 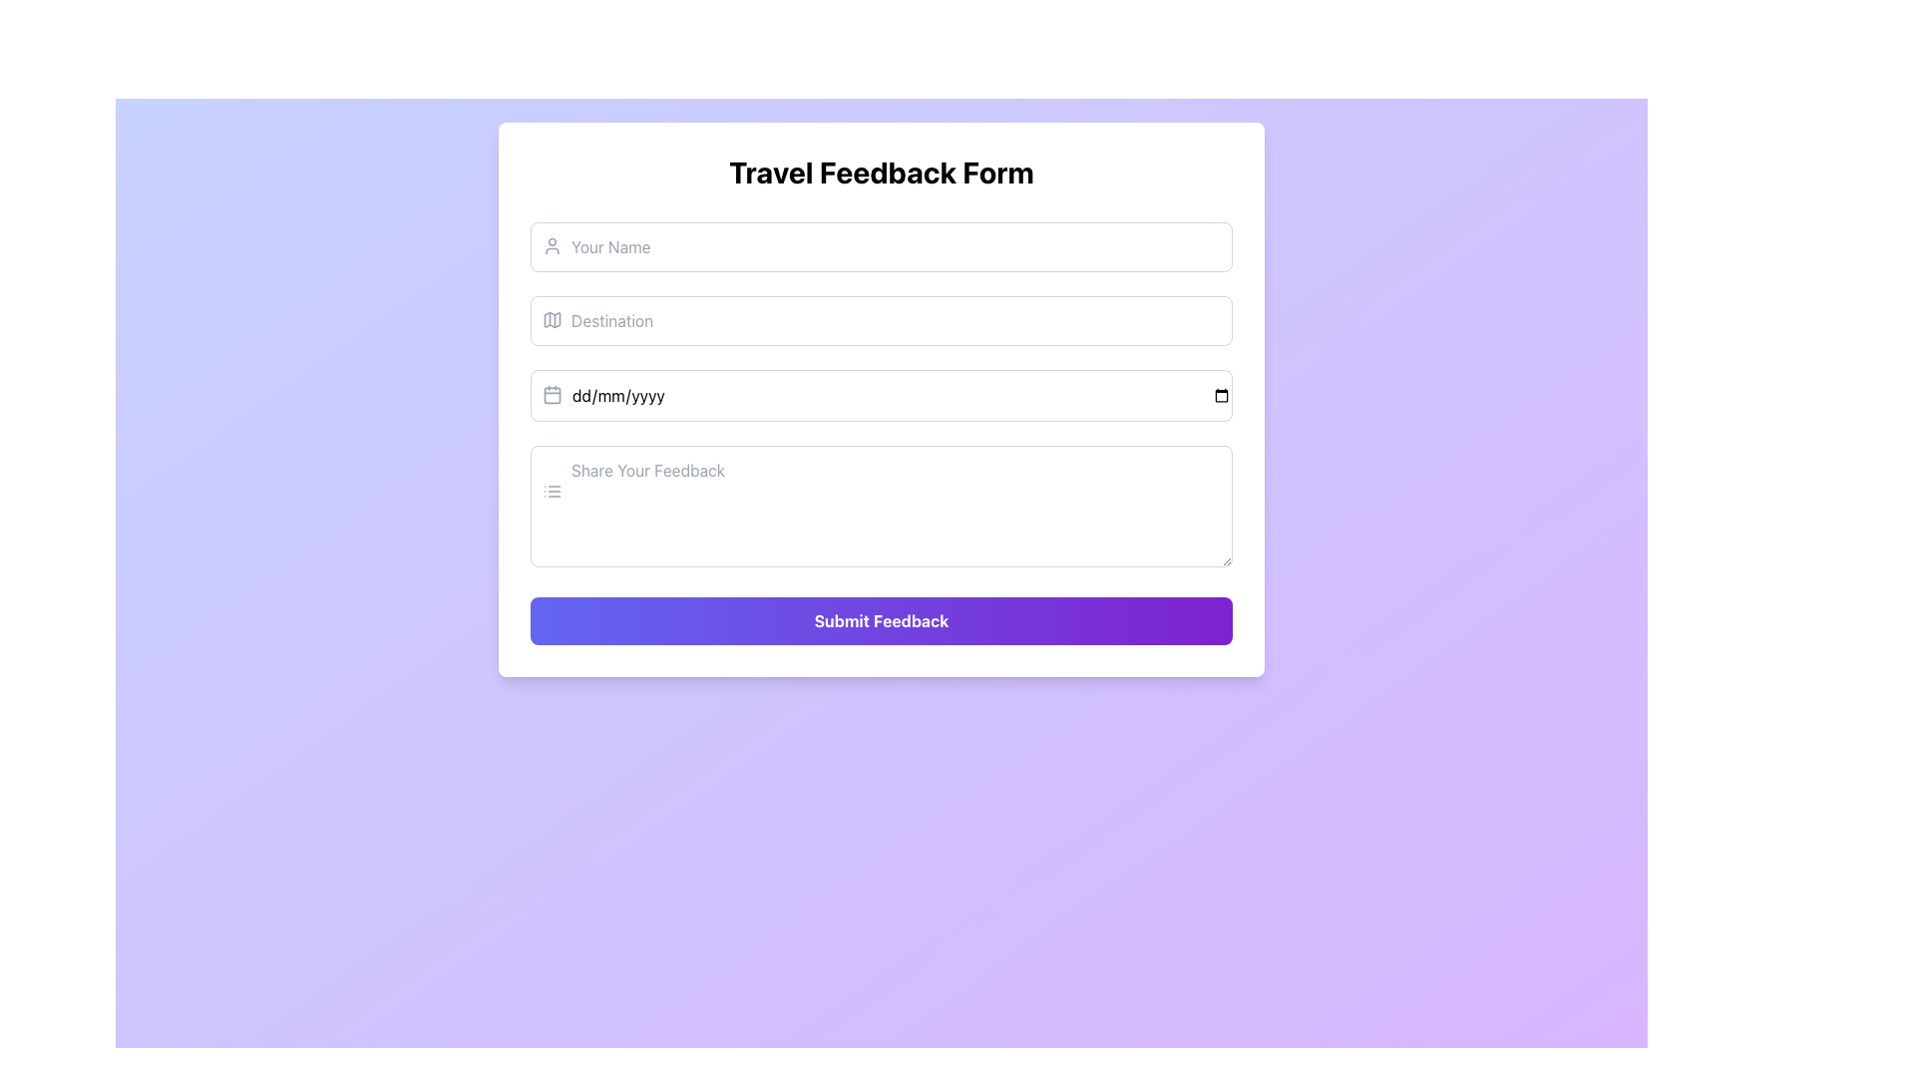 What do you see at coordinates (880, 620) in the screenshot?
I see `the 'Submit Feedback' button, which has a gradient background from indigo to purple and white bold text` at bounding box center [880, 620].